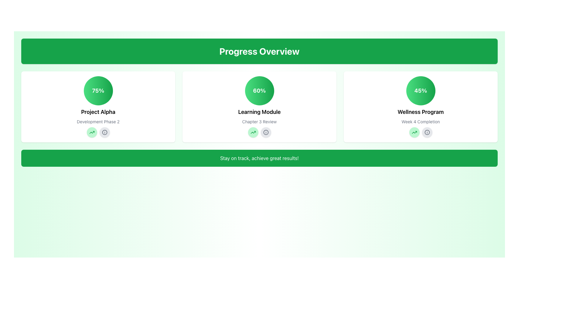  Describe the element at coordinates (420, 106) in the screenshot. I see `the Progress panel that has a gradient green circular header with '45%' in bold white text` at that location.